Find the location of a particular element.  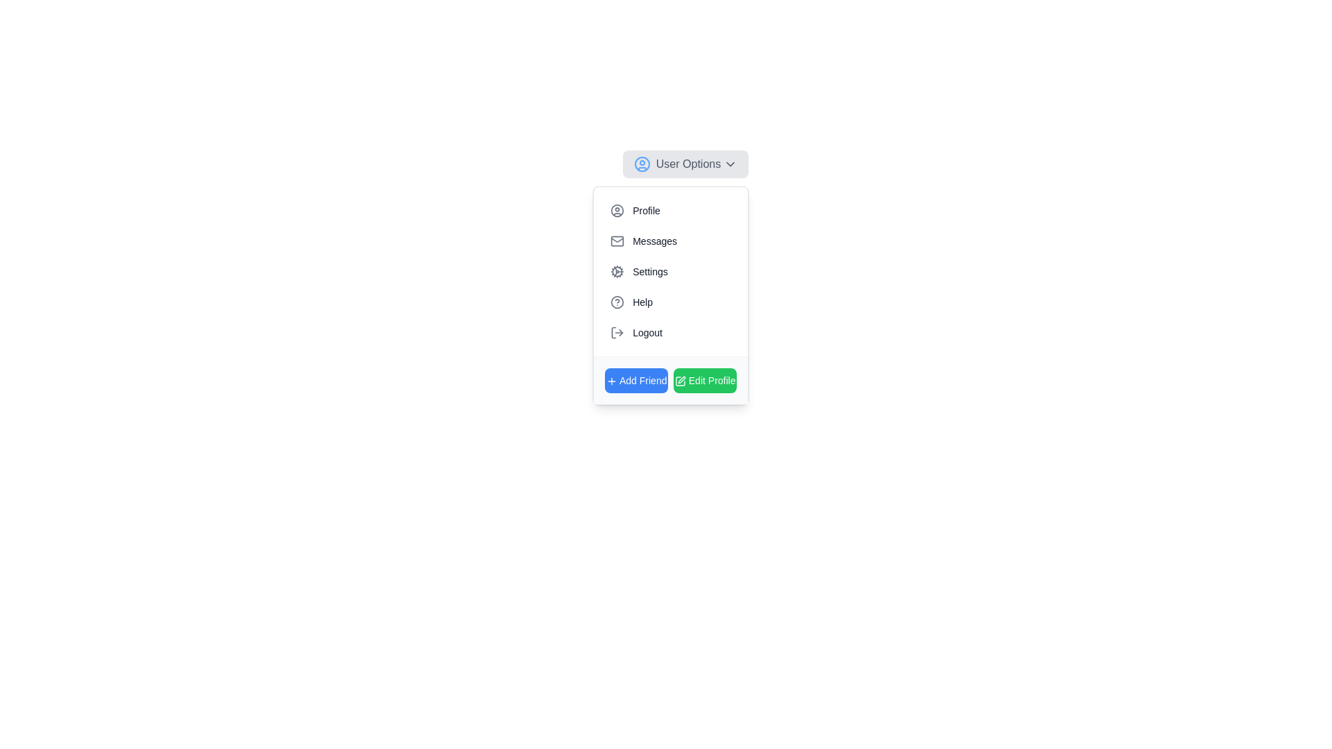

the 'Edit Profile' button, which is a green rectangular button with white text and a pen icon, located at the bottom right of the light gray panel, to observe its interactive visual changes is located at coordinates (705, 380).